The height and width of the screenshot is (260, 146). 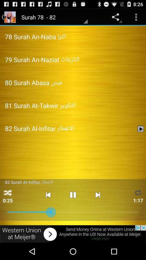 What do you see at coordinates (48, 208) in the screenshot?
I see `the skip_previous icon` at bounding box center [48, 208].